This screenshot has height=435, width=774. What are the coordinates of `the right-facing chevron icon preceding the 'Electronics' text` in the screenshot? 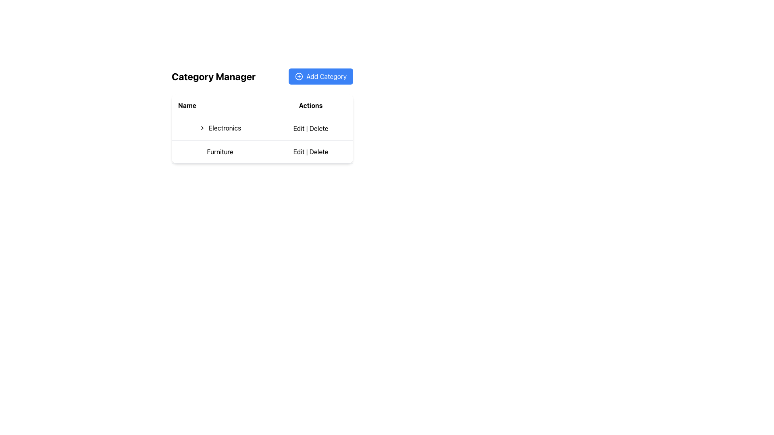 It's located at (202, 127).